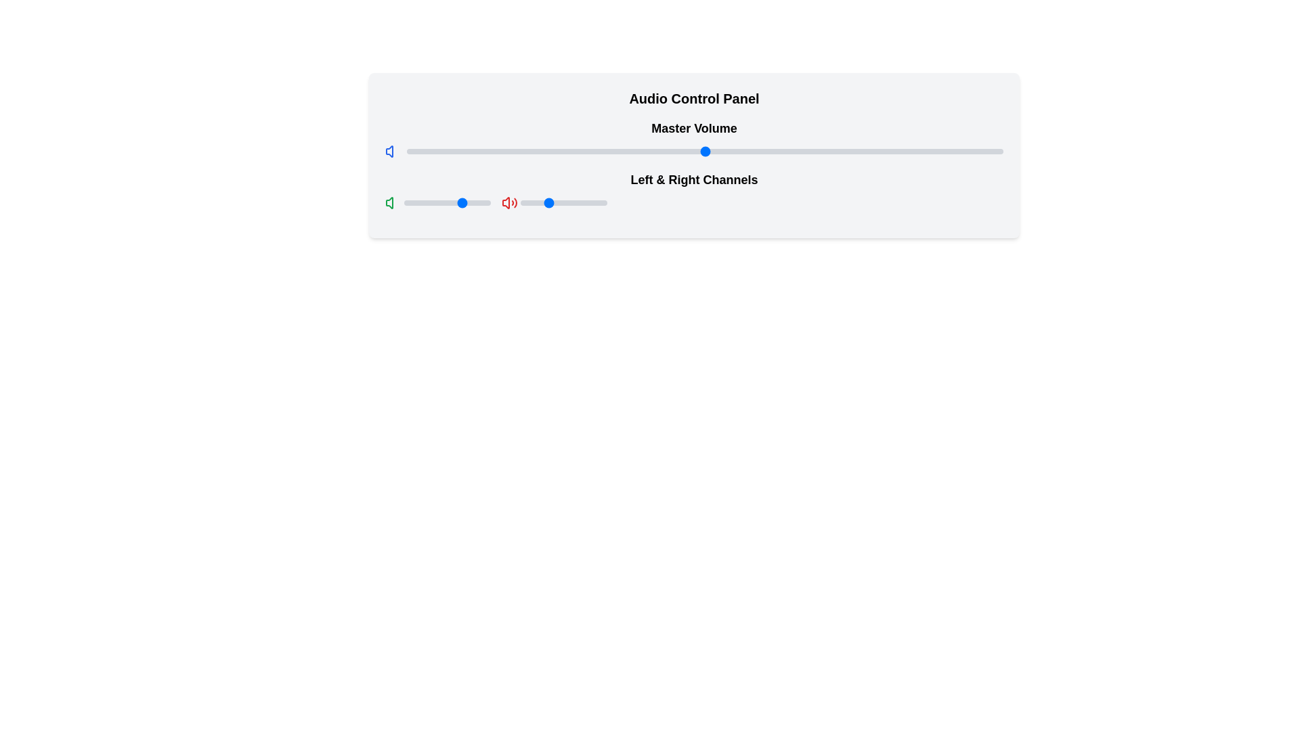 This screenshot has width=1300, height=731. Describe the element at coordinates (632, 148) in the screenshot. I see `the volume slider` at that location.